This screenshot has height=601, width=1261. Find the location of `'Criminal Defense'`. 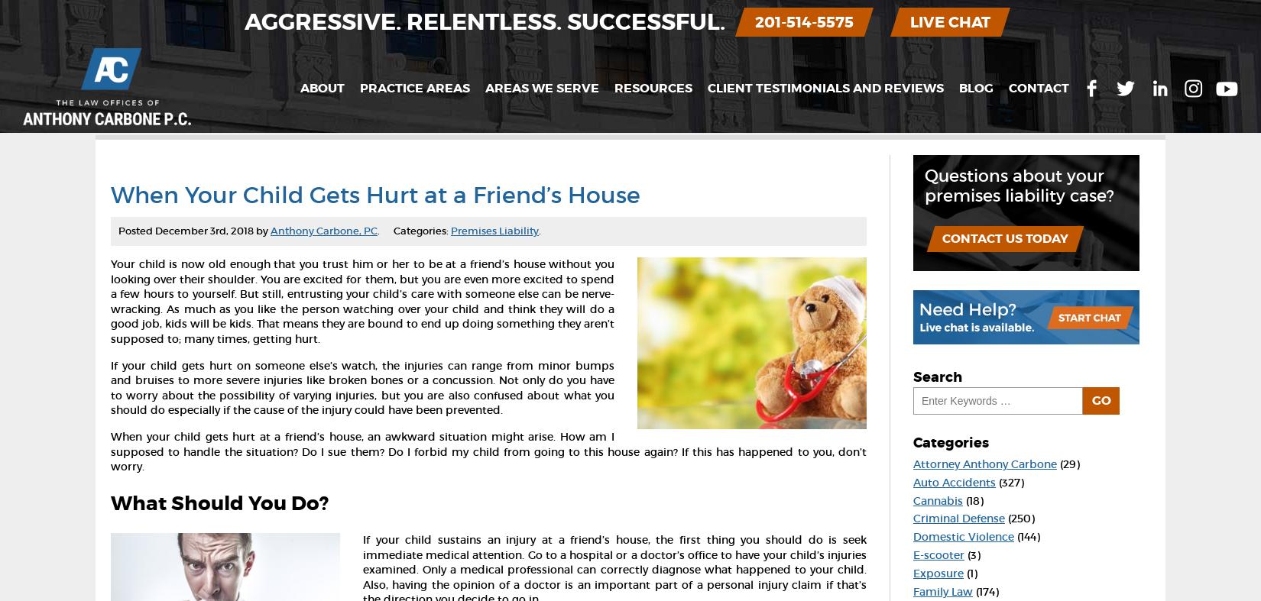

'Criminal Defense' is located at coordinates (958, 519).